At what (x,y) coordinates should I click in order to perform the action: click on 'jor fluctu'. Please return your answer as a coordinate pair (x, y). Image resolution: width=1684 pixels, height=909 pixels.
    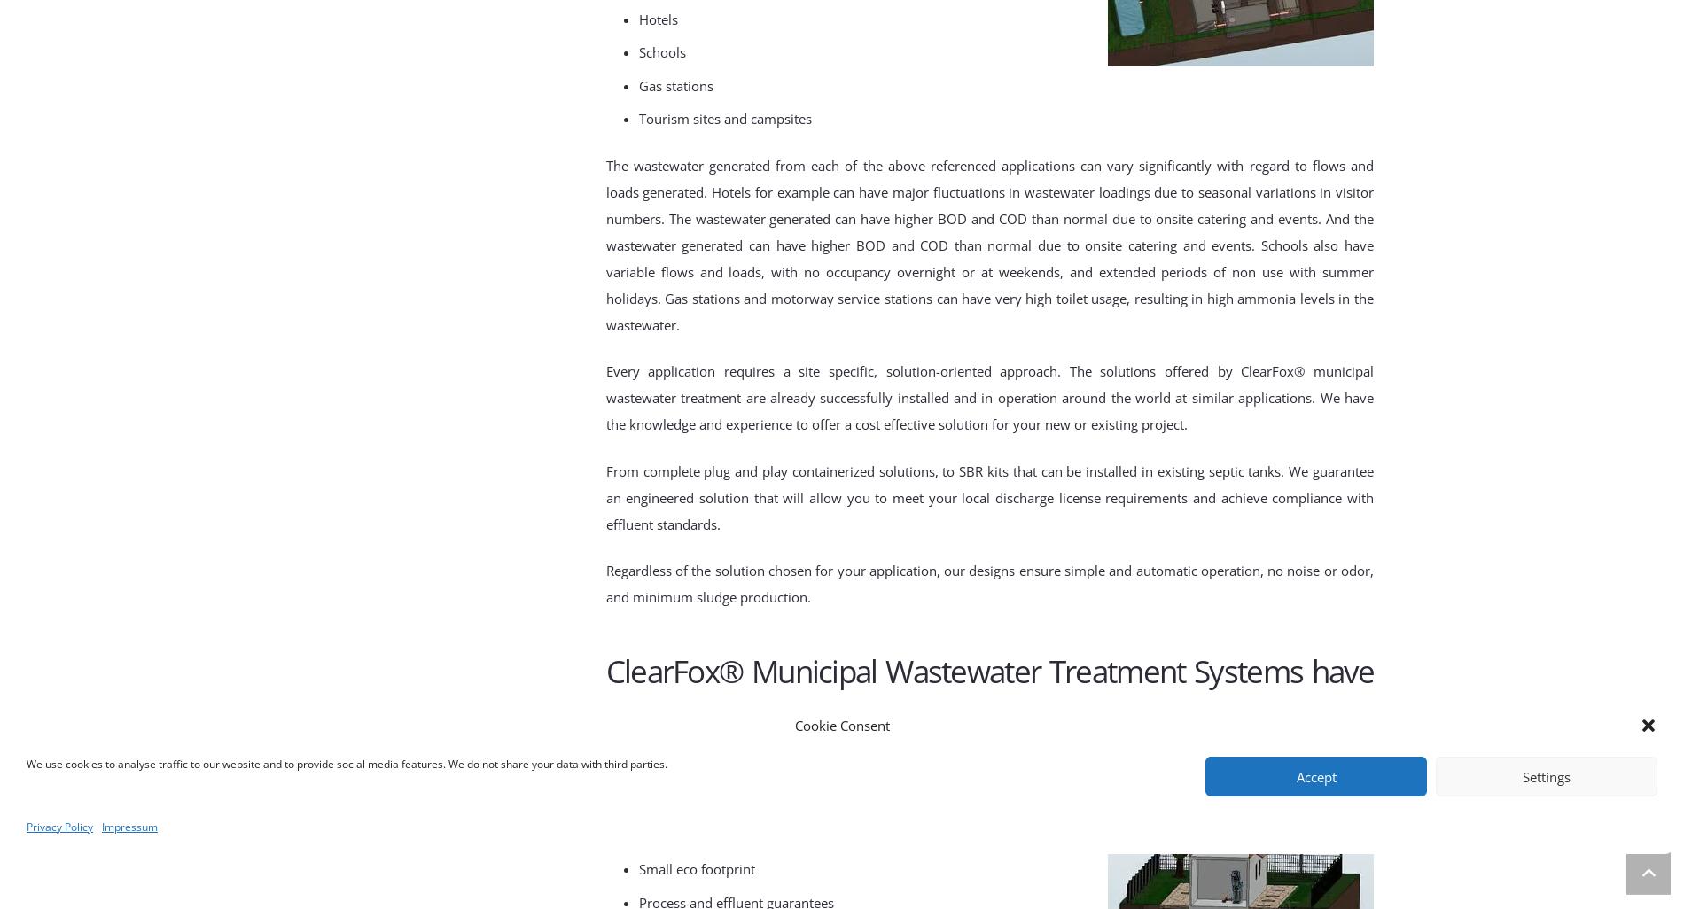
    Looking at the image, I should click on (911, 190).